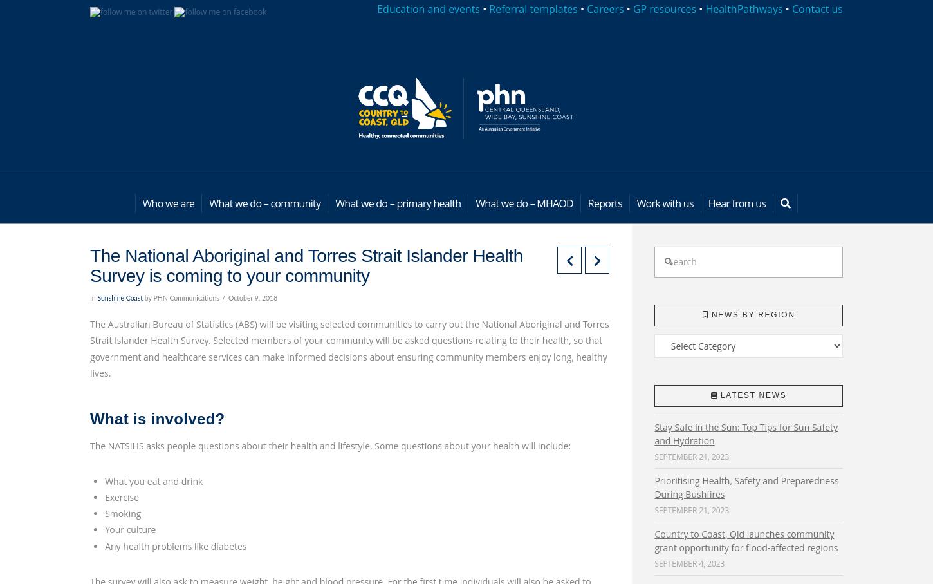 This screenshot has height=584, width=933. I want to click on 'What you eat and drink', so click(152, 480).